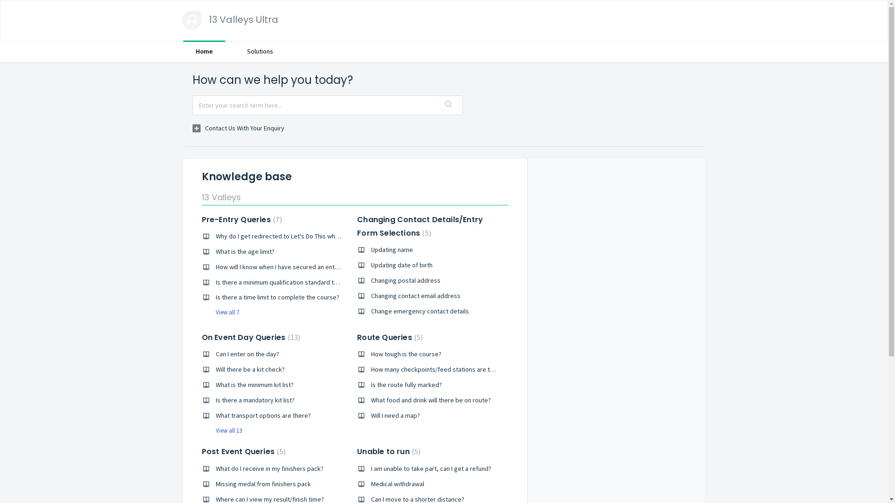  What do you see at coordinates (430, 400) in the screenshot?
I see `'What food and drink will there be on route?'` at bounding box center [430, 400].